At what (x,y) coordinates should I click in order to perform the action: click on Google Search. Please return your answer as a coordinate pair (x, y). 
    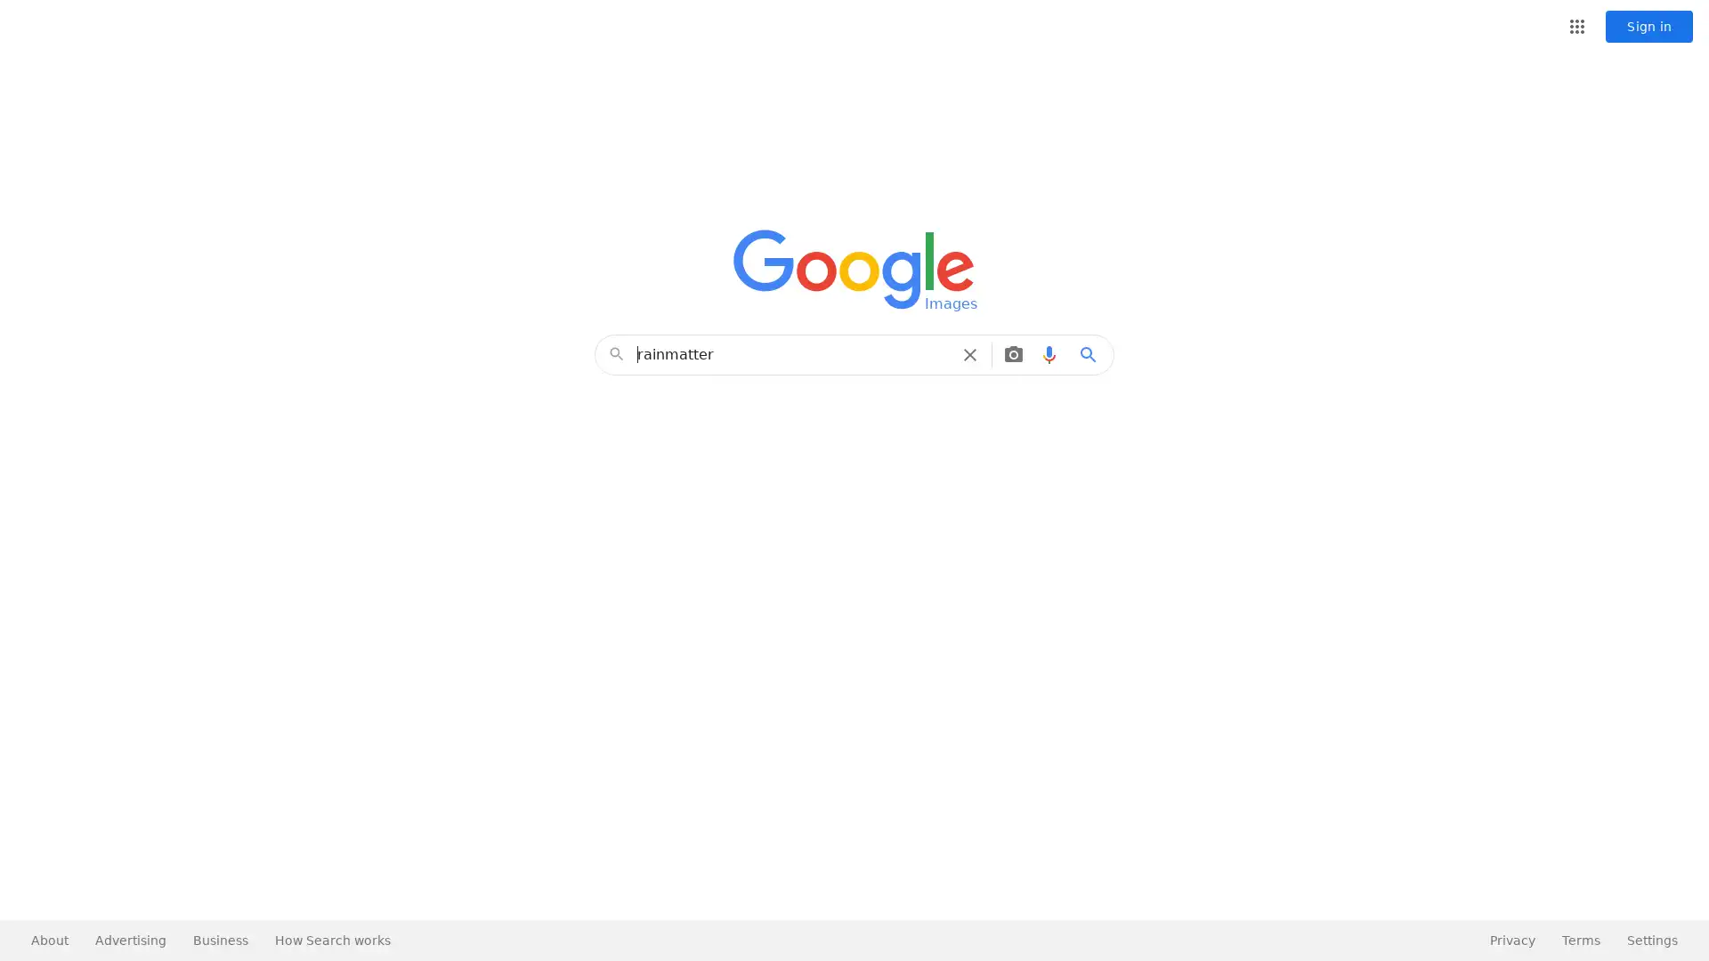
    Looking at the image, I should click on (1092, 354).